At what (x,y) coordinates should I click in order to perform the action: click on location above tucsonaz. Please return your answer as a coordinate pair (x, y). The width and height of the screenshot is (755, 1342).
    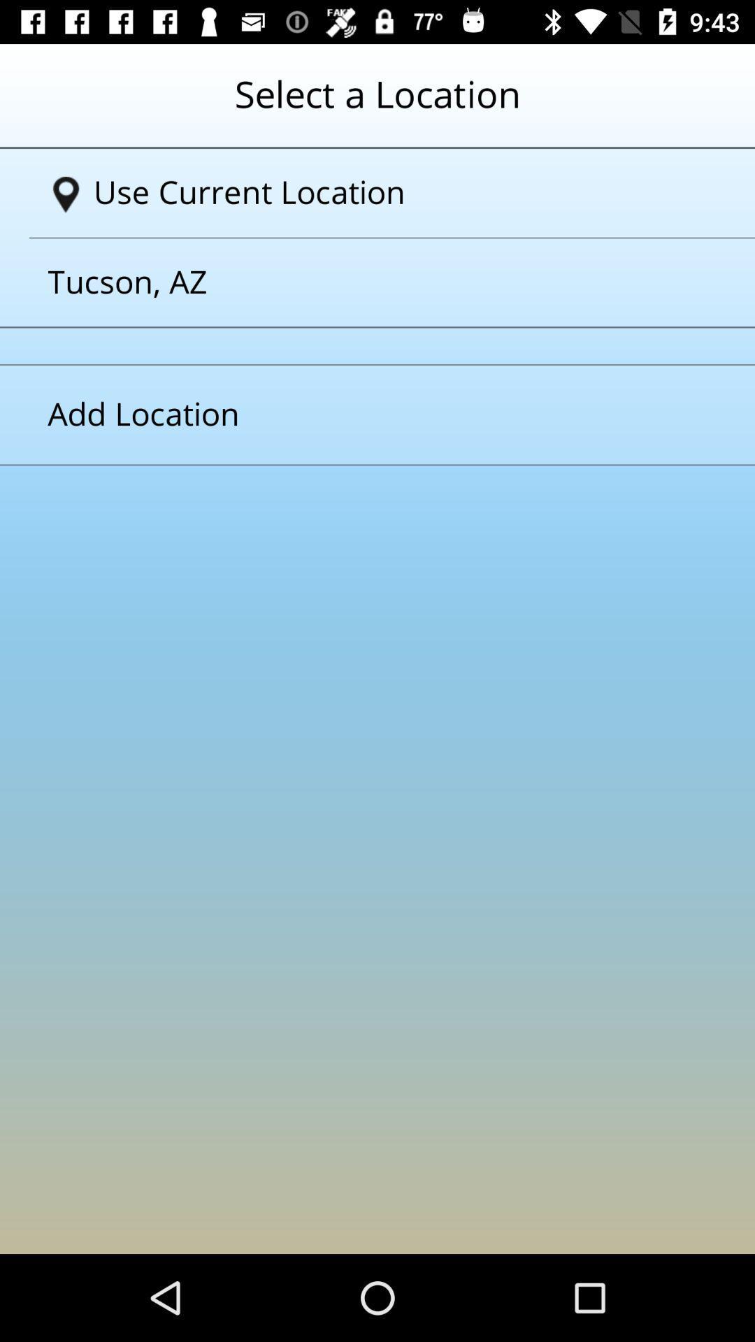
    Looking at the image, I should click on (382, 192).